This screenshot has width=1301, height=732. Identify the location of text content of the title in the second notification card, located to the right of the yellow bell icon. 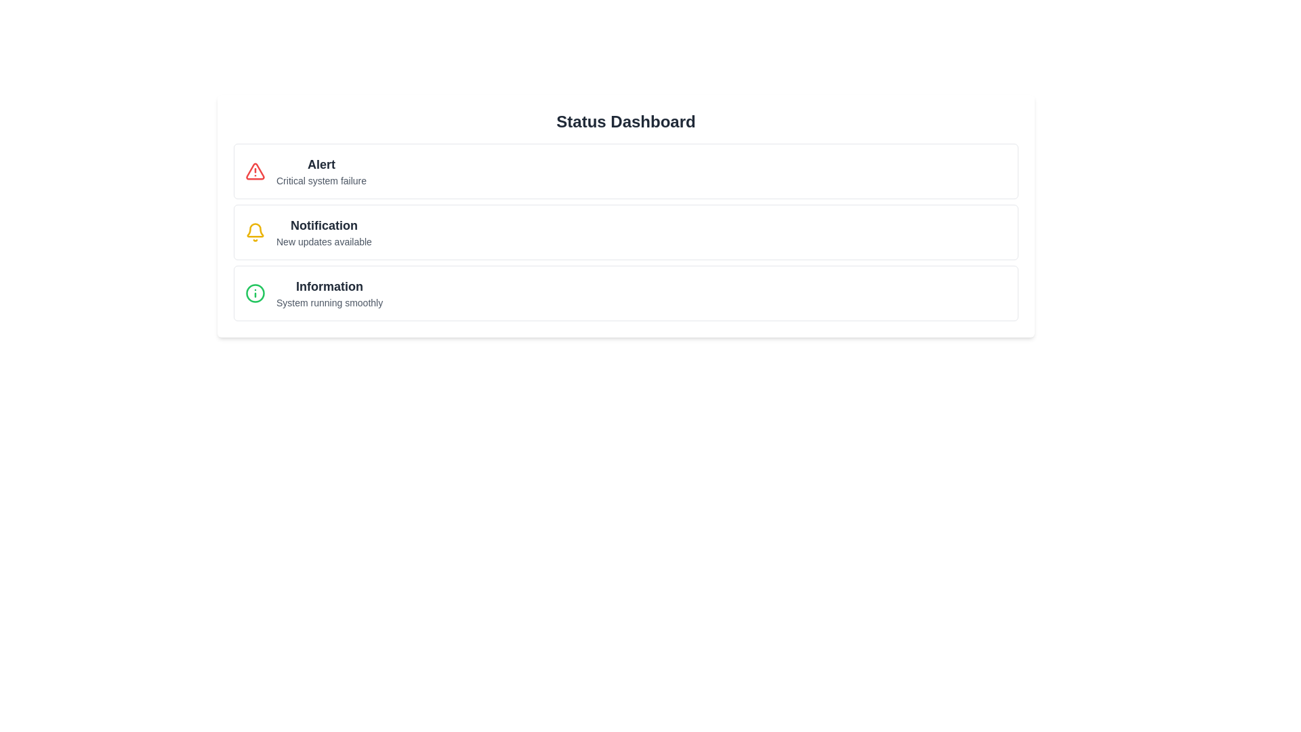
(323, 224).